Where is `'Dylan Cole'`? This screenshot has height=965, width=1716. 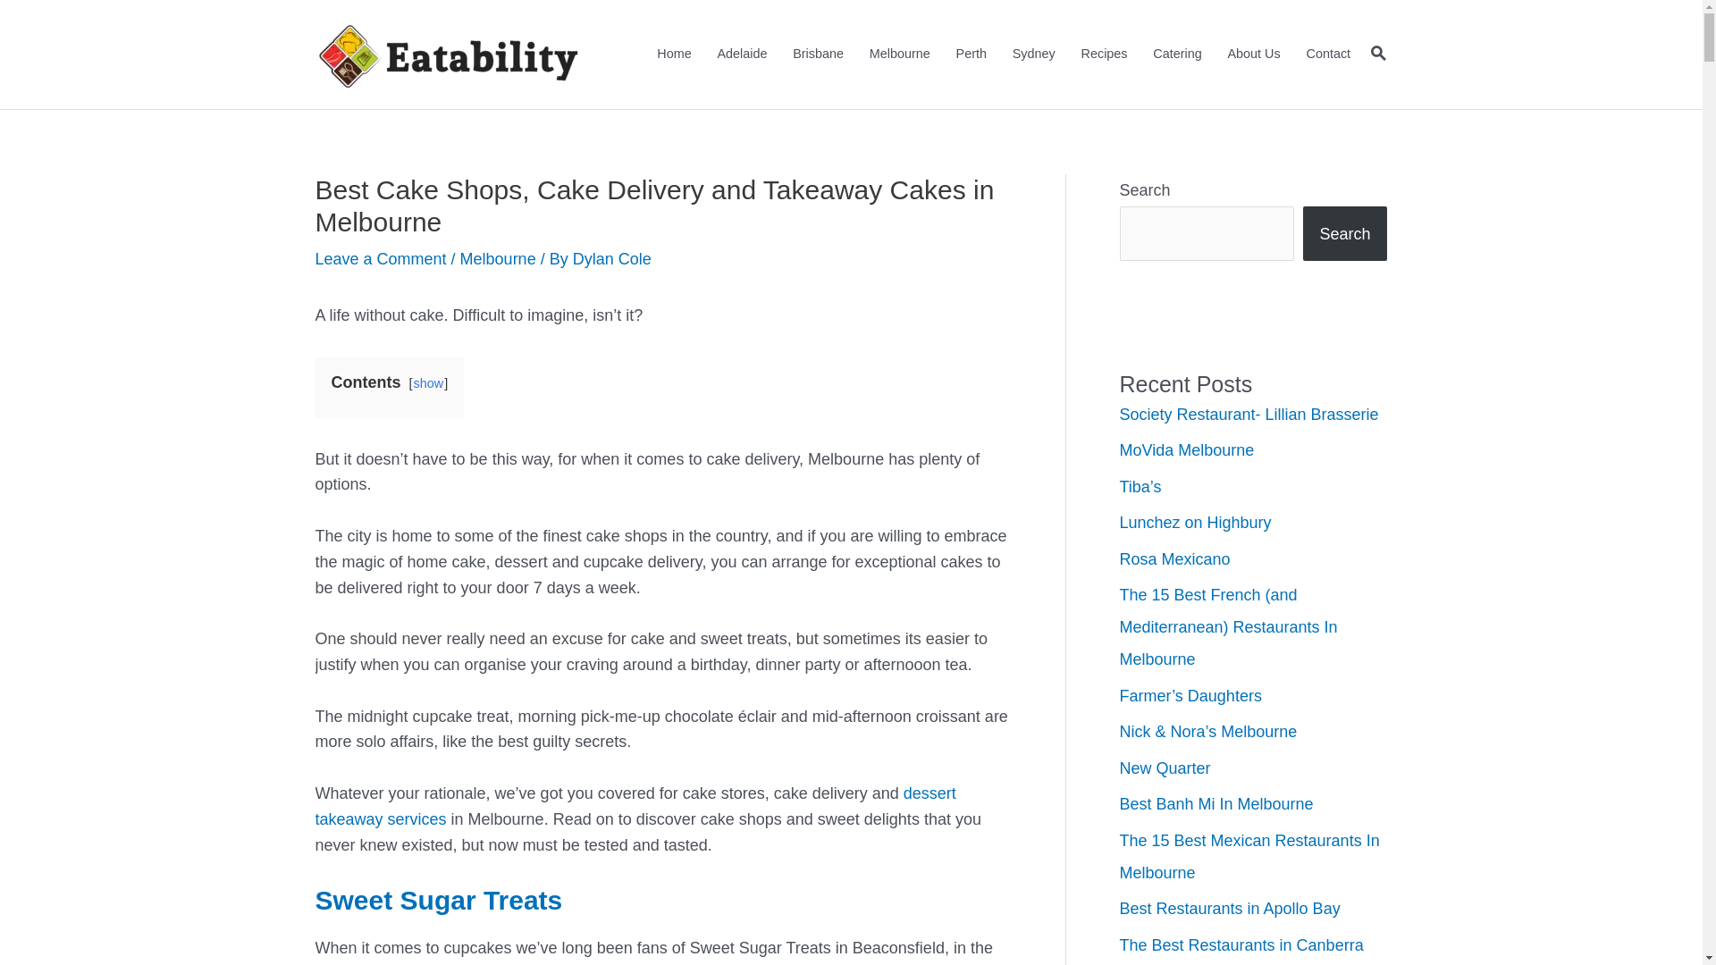
'Dylan Cole' is located at coordinates (612, 258).